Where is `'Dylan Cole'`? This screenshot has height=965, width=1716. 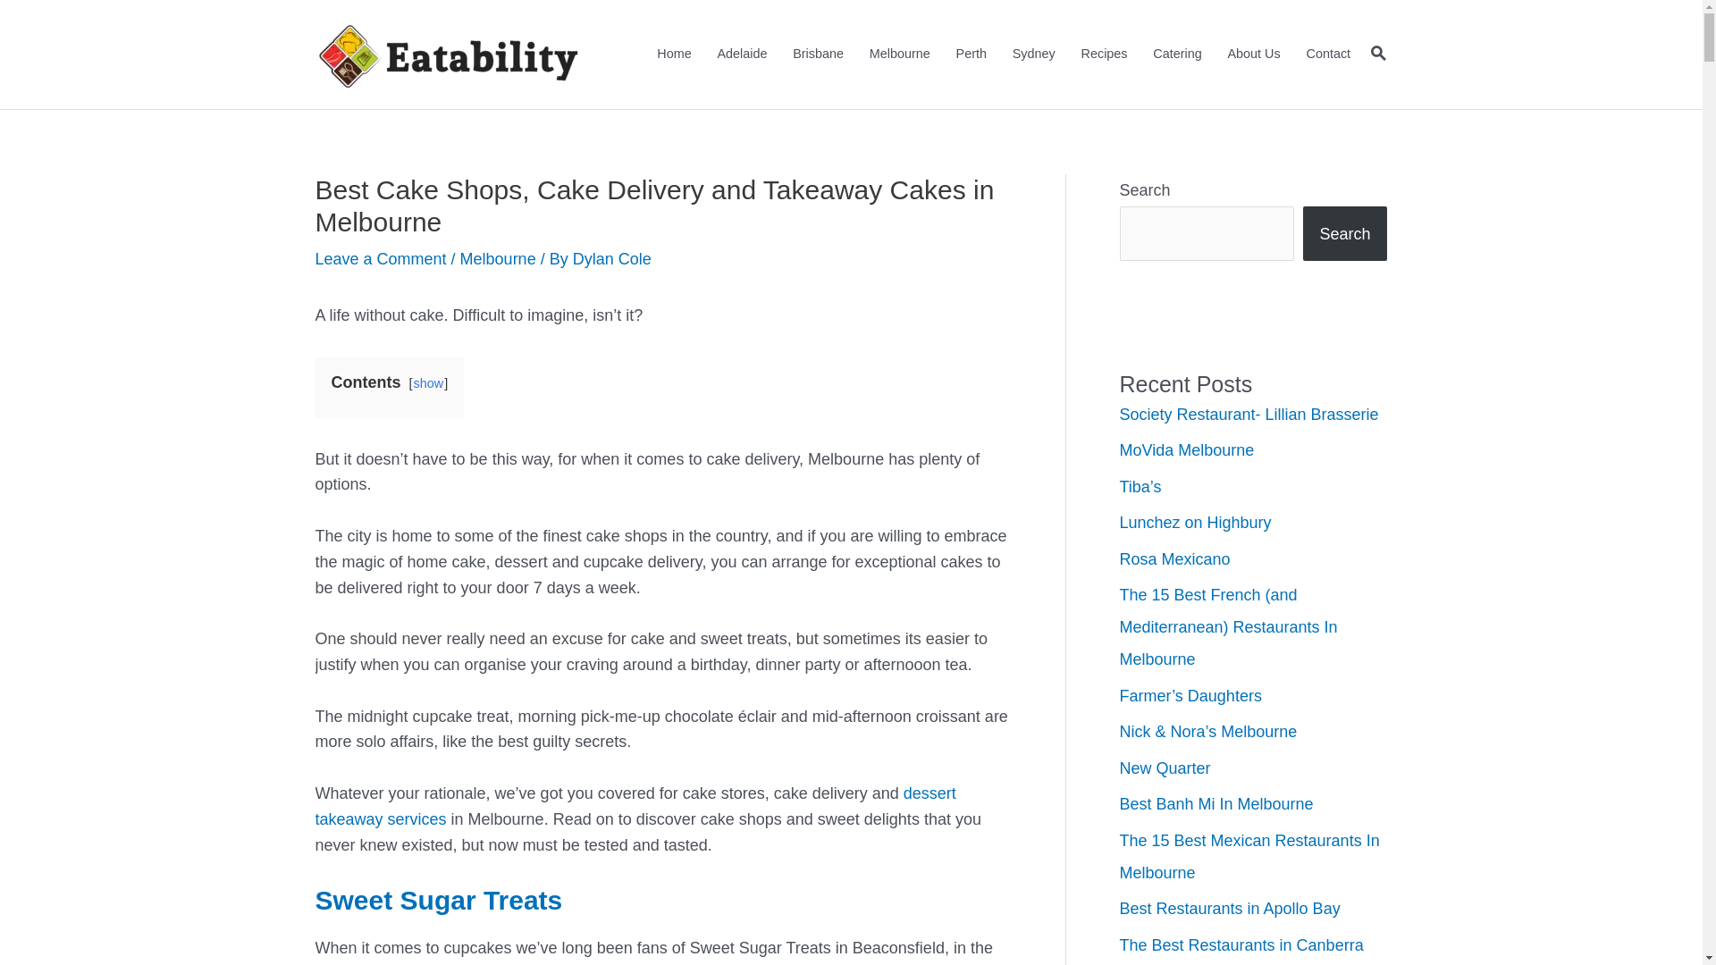
'Dylan Cole' is located at coordinates (612, 258).